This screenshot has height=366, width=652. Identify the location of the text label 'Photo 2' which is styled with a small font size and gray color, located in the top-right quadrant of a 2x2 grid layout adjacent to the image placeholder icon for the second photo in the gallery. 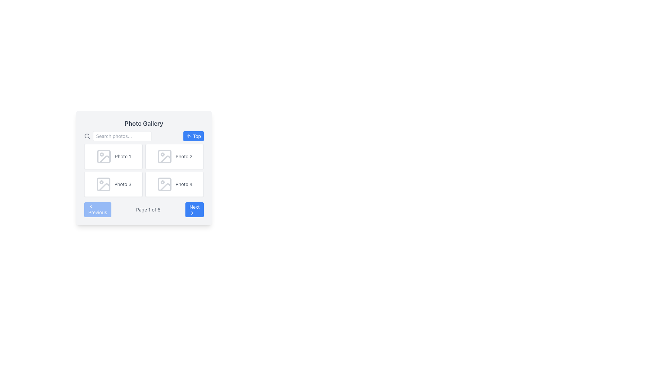
(184, 157).